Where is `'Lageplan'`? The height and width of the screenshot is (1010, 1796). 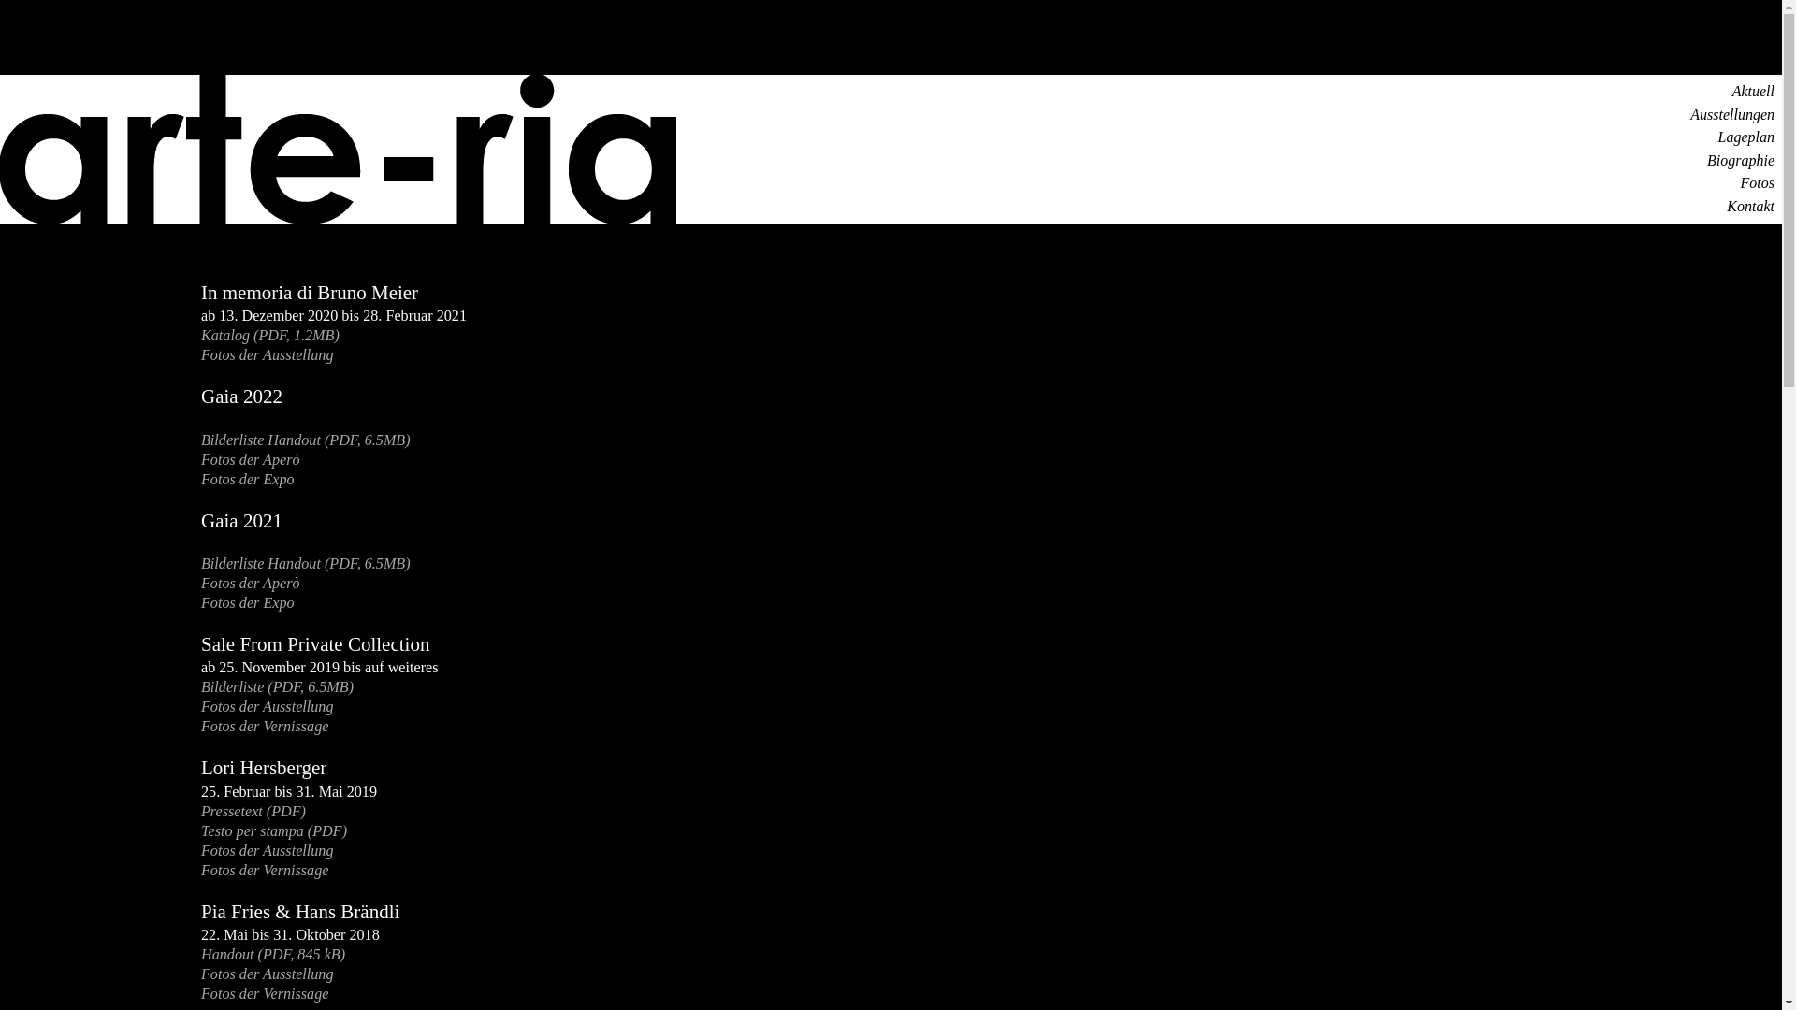
'Lageplan' is located at coordinates (1745, 136).